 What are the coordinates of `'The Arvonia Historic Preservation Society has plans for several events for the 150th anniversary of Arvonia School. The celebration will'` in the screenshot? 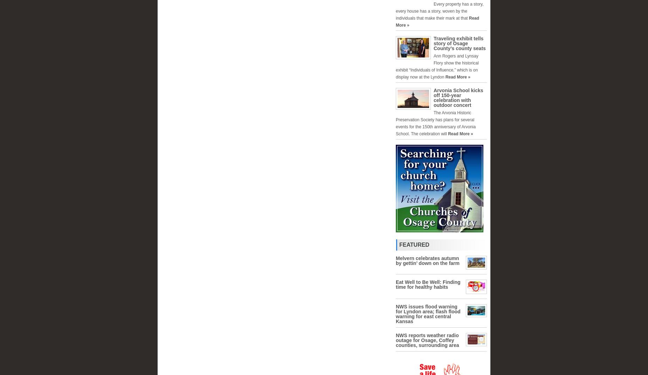 It's located at (435, 123).